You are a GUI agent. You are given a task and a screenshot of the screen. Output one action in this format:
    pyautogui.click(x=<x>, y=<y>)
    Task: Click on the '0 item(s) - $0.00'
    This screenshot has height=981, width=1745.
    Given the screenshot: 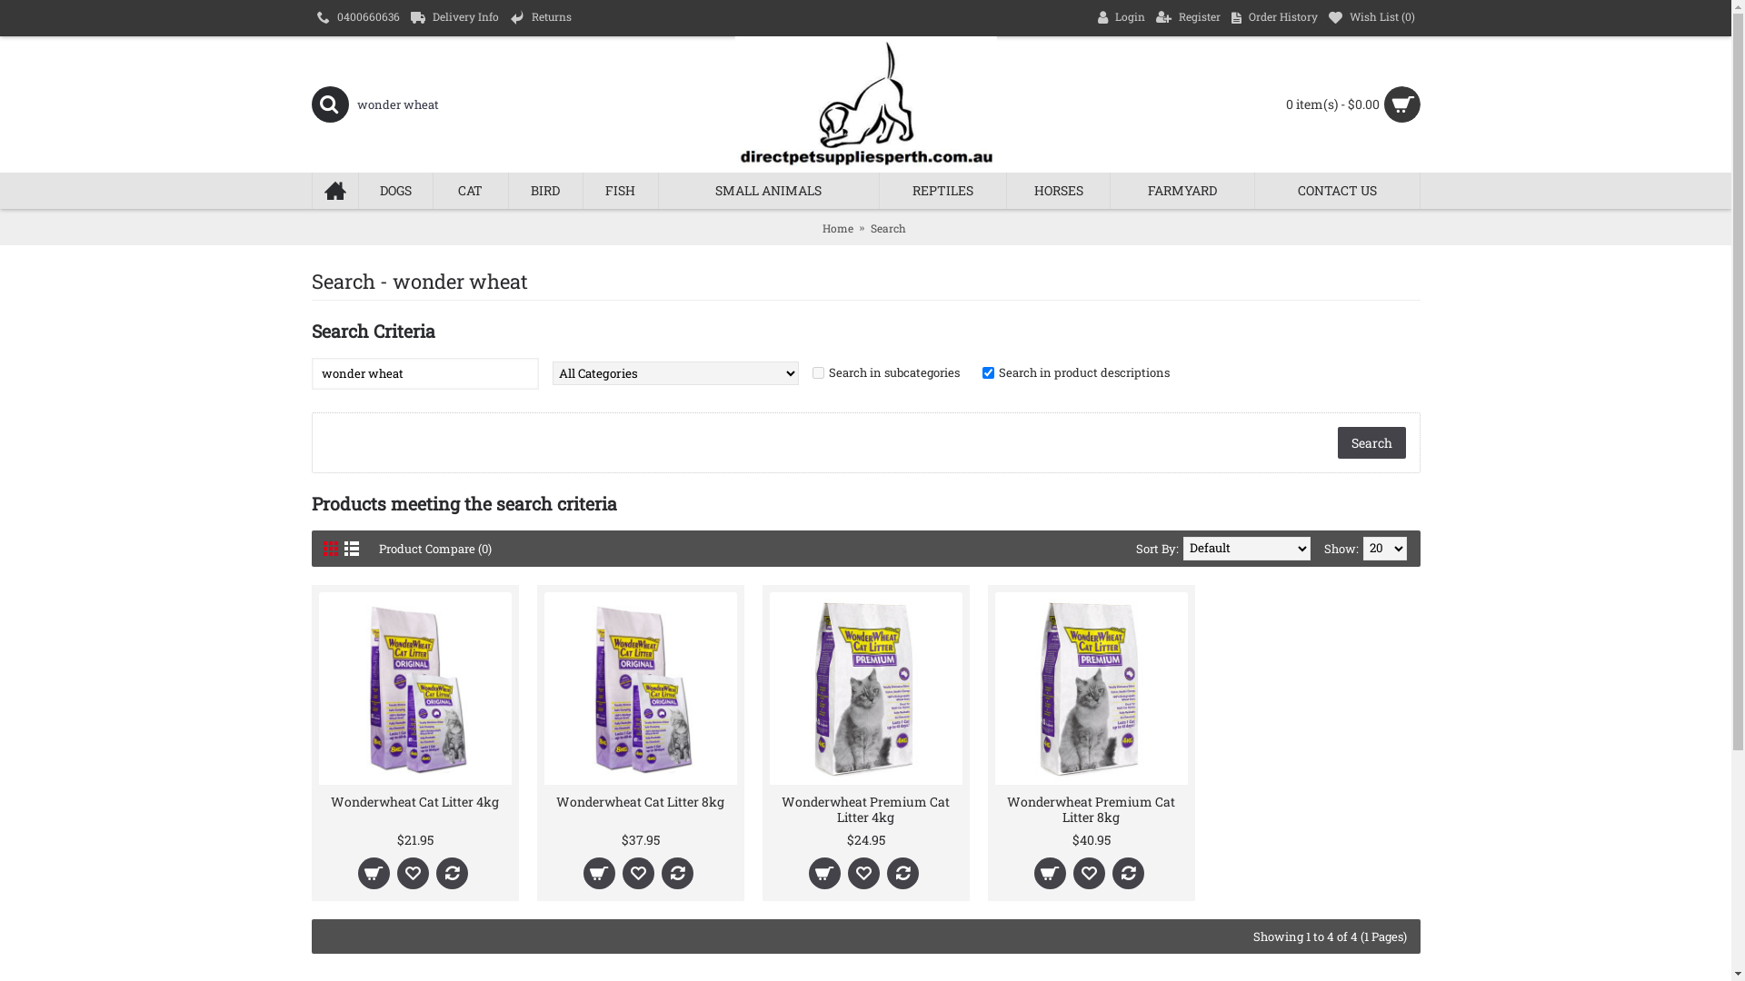 What is the action you would take?
    pyautogui.click(x=1281, y=104)
    